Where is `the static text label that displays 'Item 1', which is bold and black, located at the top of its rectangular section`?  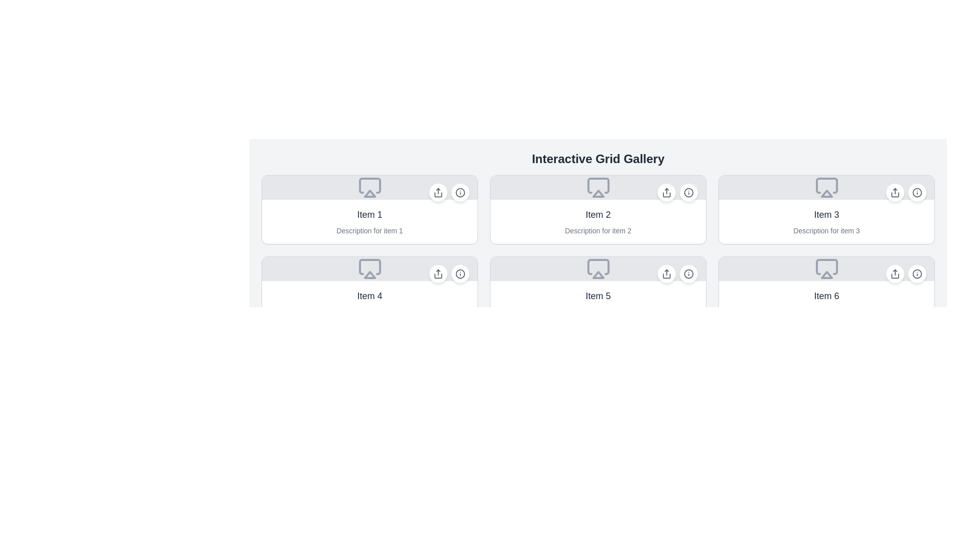 the static text label that displays 'Item 1', which is bold and black, located at the top of its rectangular section is located at coordinates (369, 214).